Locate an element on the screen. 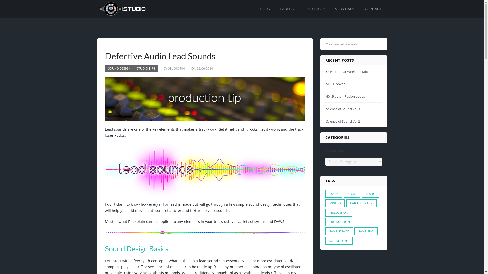 The width and height of the screenshot is (488, 274). 'LOGIC' is located at coordinates (370, 194).